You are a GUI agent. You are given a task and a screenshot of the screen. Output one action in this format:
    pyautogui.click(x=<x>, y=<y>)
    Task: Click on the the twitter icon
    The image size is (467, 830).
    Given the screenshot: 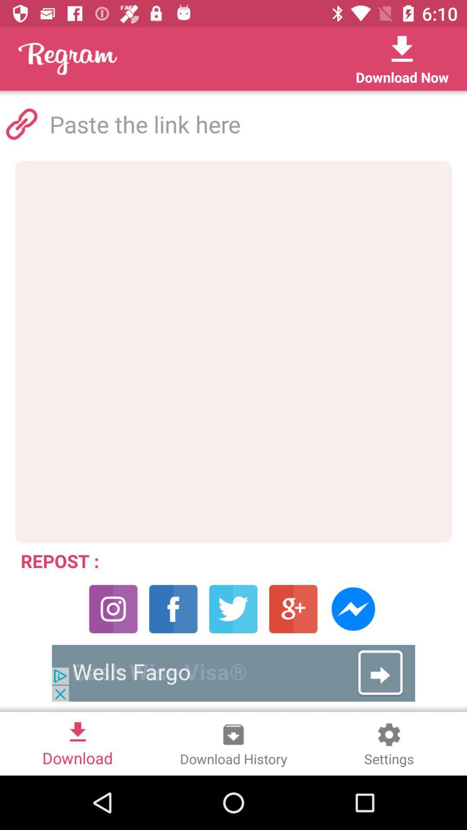 What is the action you would take?
    pyautogui.click(x=233, y=608)
    